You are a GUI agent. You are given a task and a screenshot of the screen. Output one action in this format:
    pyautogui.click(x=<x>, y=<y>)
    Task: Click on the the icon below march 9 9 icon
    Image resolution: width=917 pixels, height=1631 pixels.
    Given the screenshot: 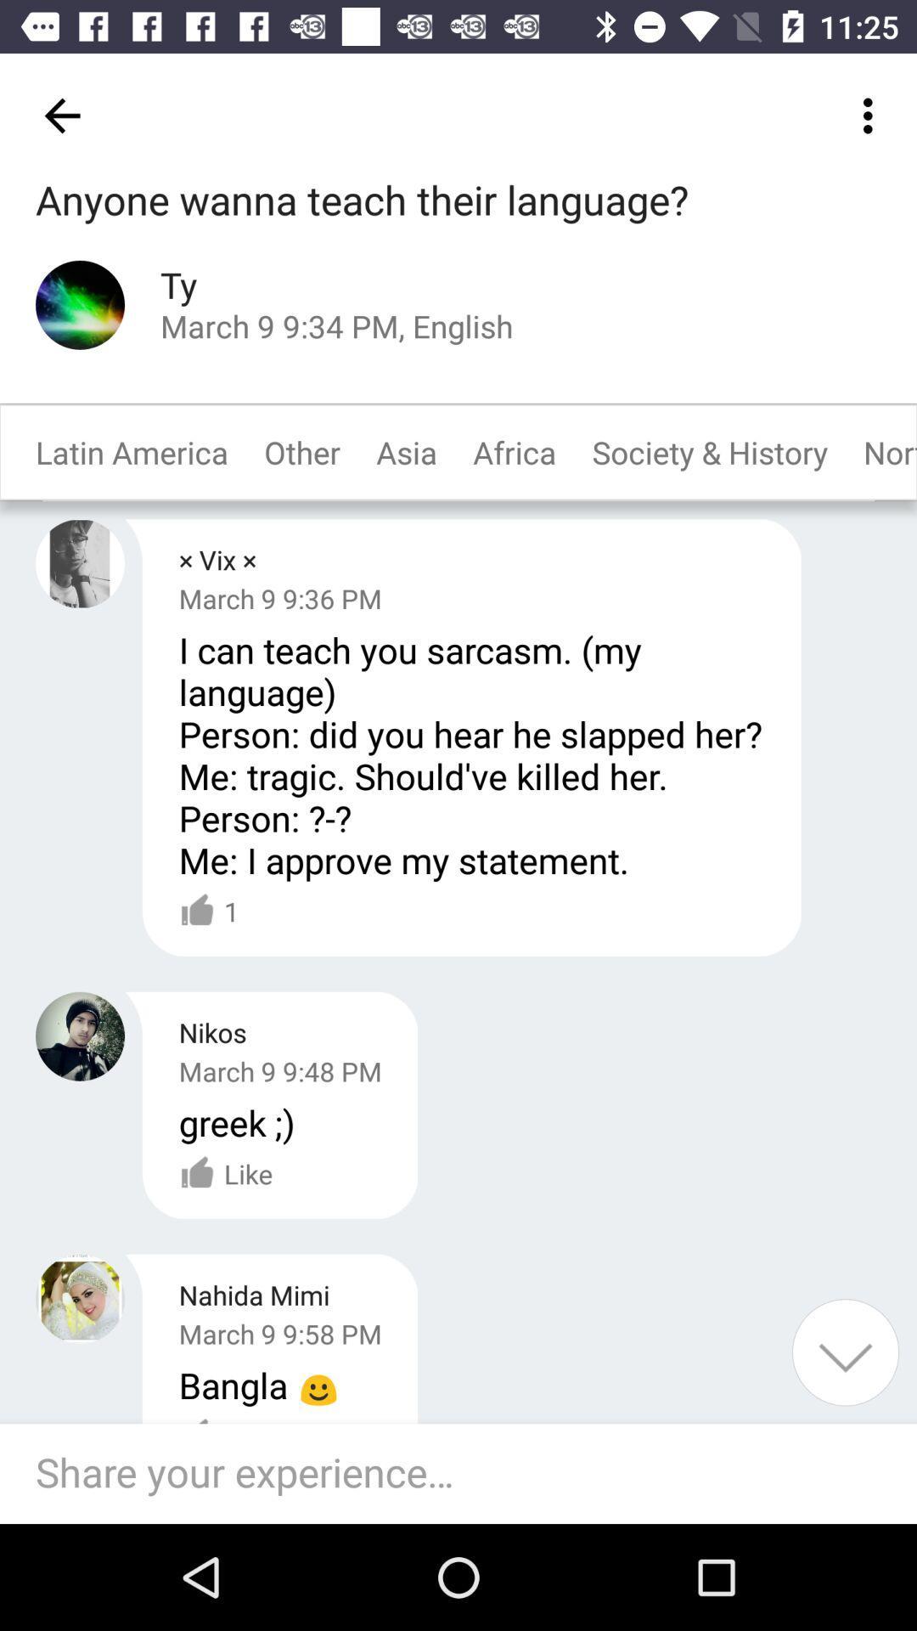 What is the action you would take?
    pyautogui.click(x=236, y=1122)
    